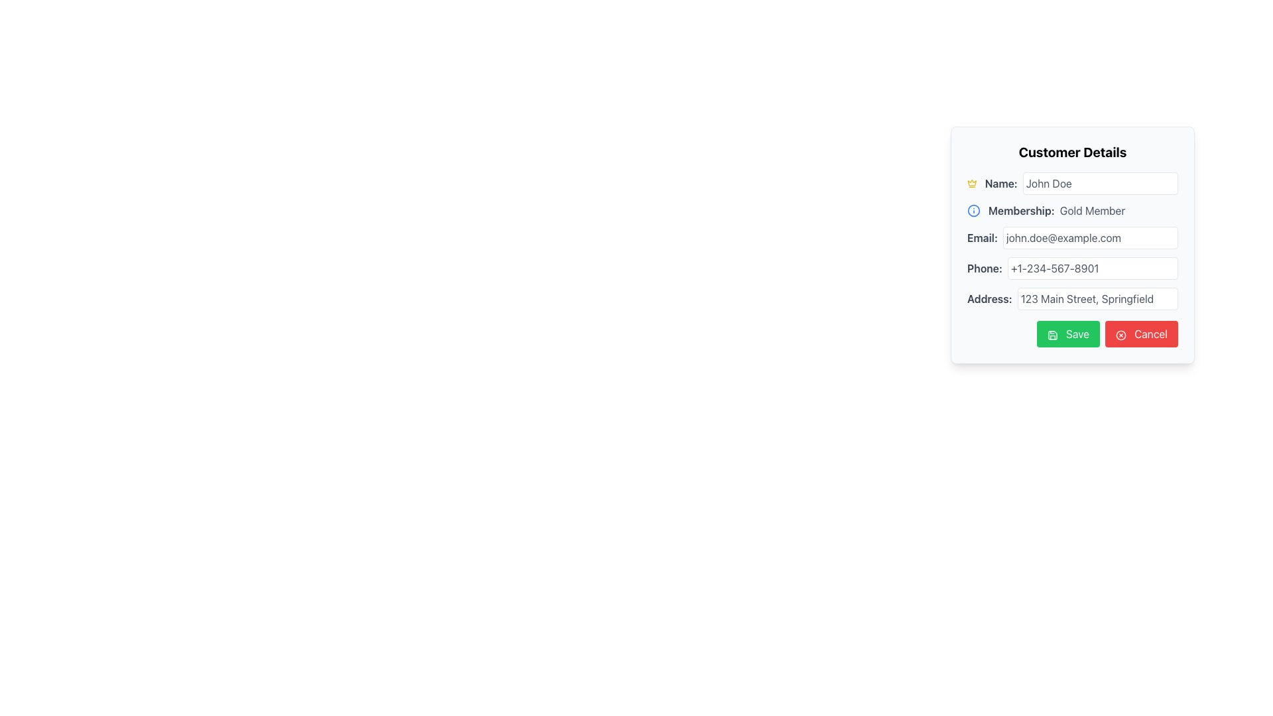 This screenshot has height=716, width=1273. I want to click on the text label for the 'Phone:' input field in the 'Customer Details' card, which guides the user to fill out the phone number correctly, so click(985, 268).